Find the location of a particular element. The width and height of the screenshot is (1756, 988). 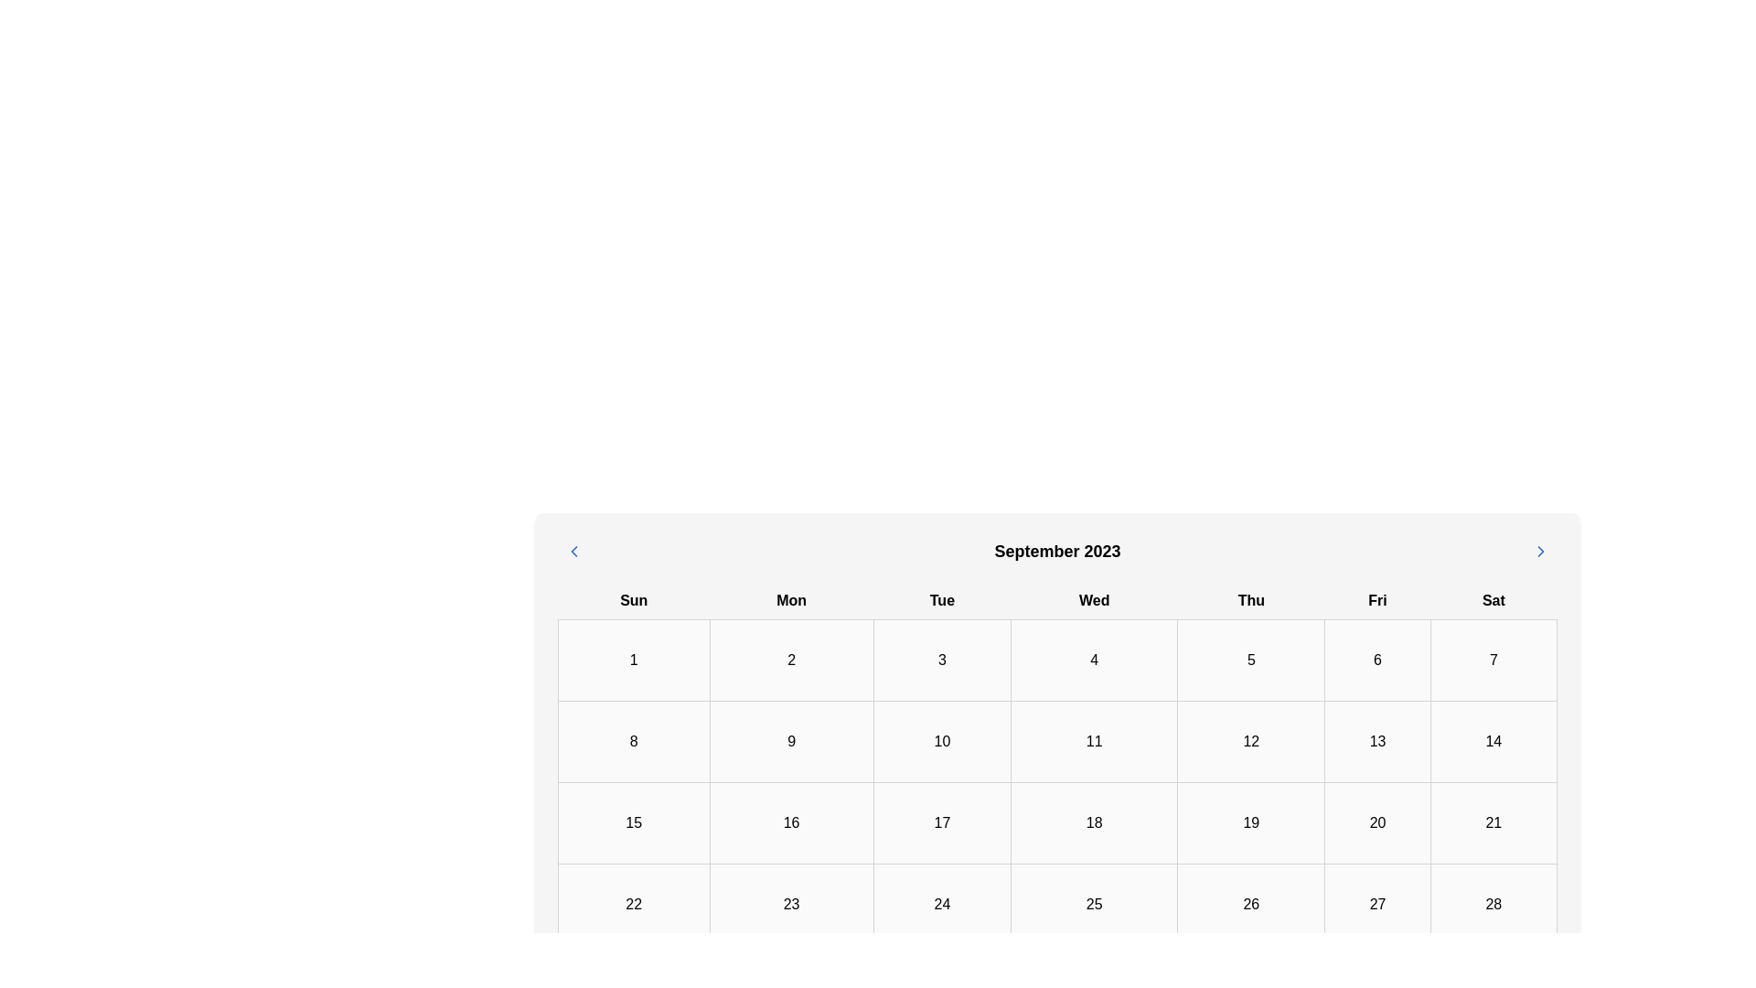

the interactive chevron icon on the left-hand side of the calendar interface is located at coordinates (573, 550).